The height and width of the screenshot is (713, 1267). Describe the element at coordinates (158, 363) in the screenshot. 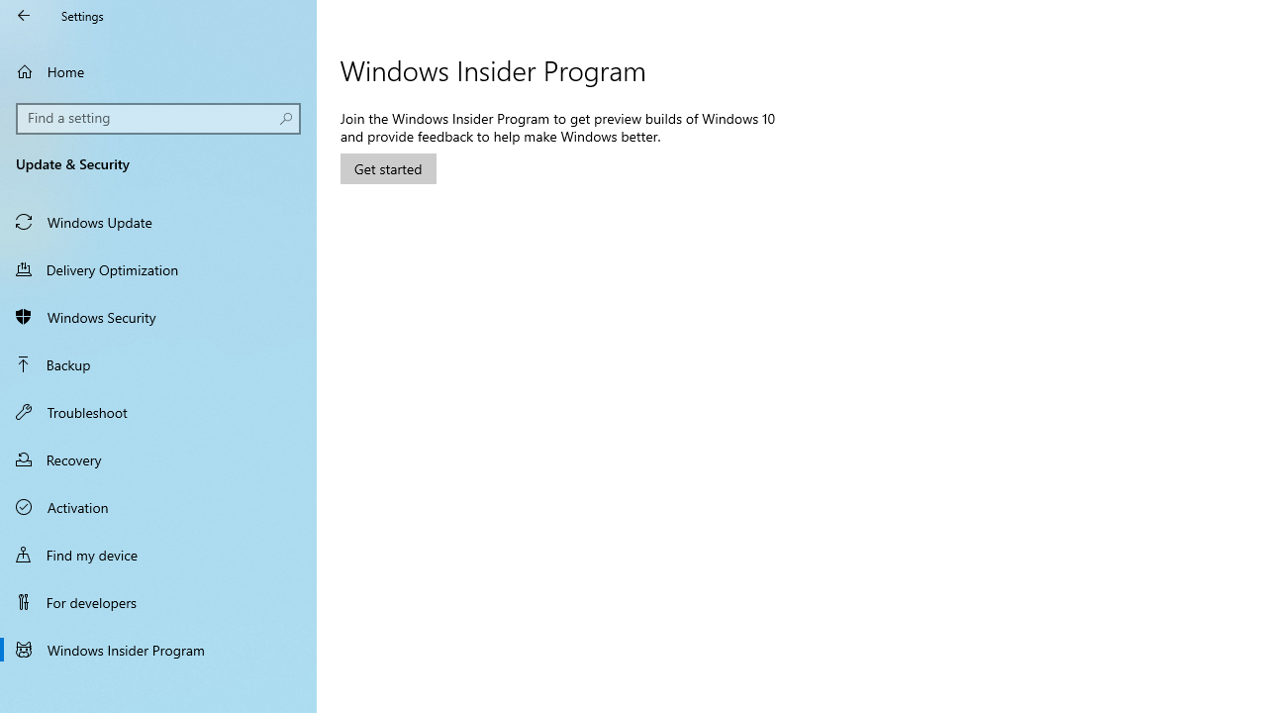

I see `'Backup'` at that location.